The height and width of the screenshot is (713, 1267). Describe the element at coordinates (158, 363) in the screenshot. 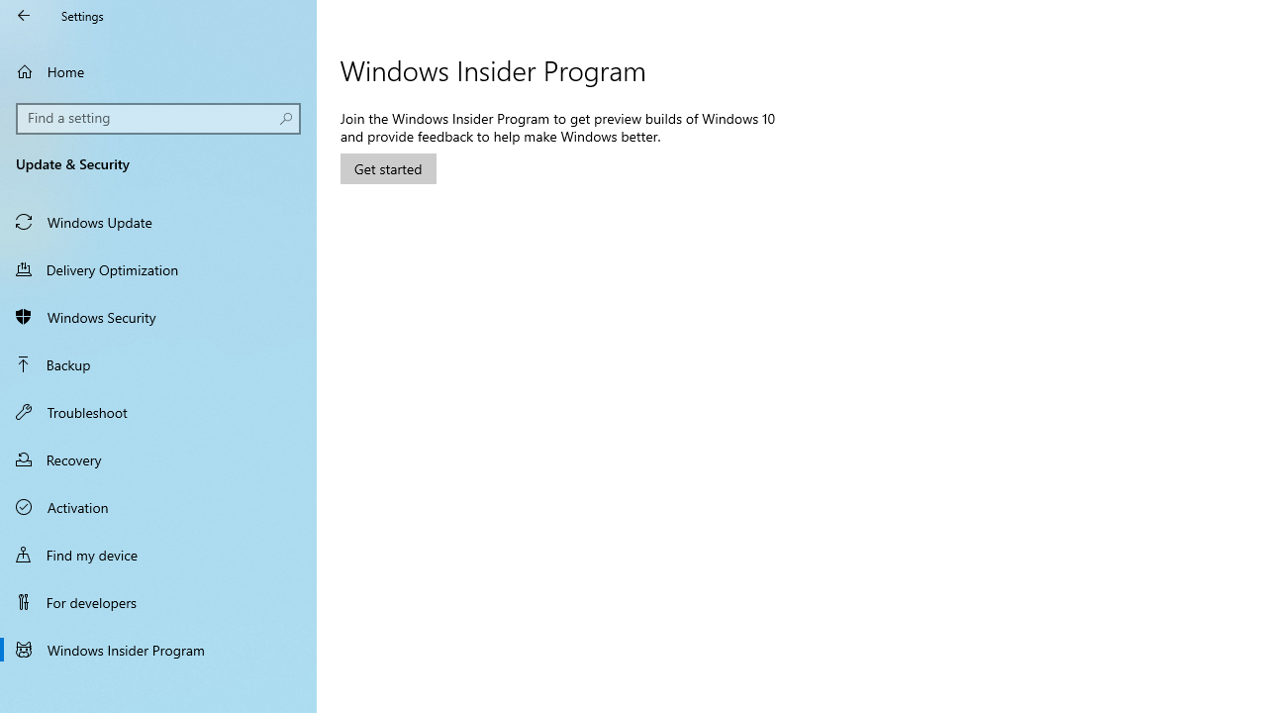

I see `'Backup'` at that location.